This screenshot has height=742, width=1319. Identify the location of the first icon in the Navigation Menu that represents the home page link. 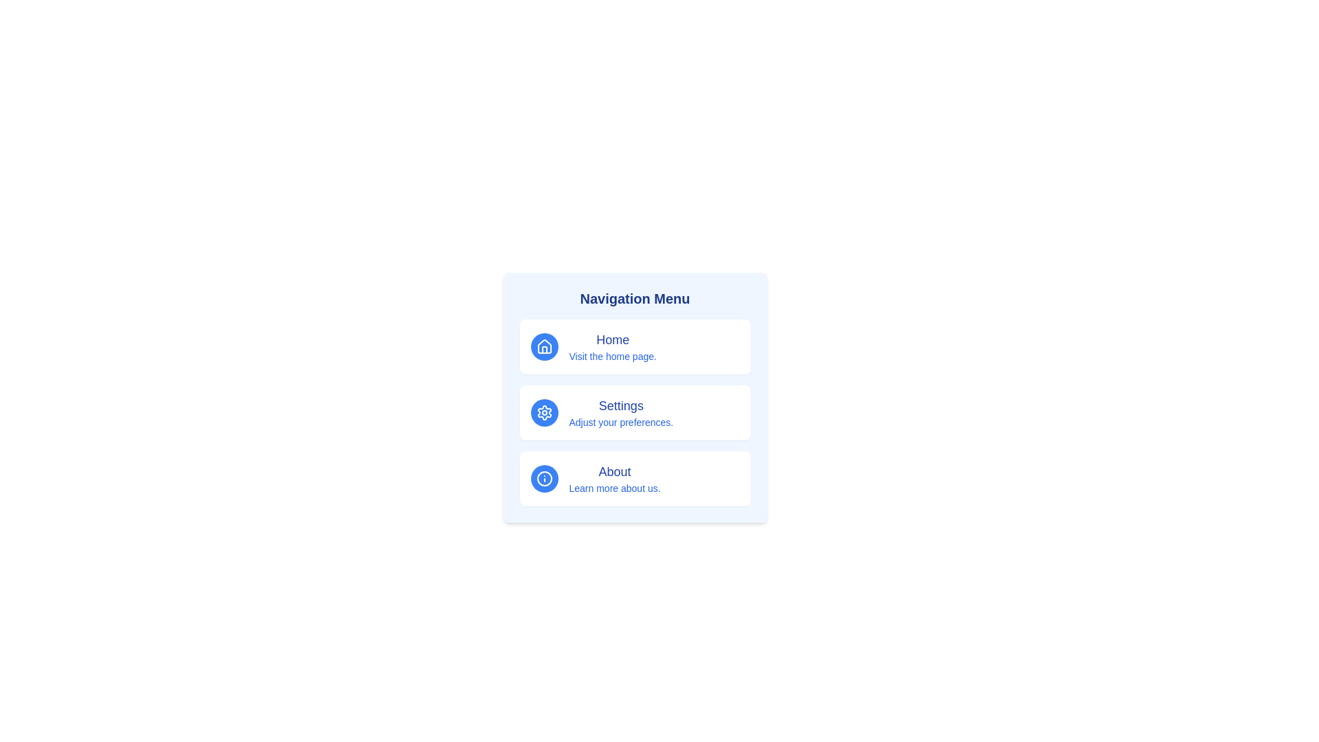
(543, 346).